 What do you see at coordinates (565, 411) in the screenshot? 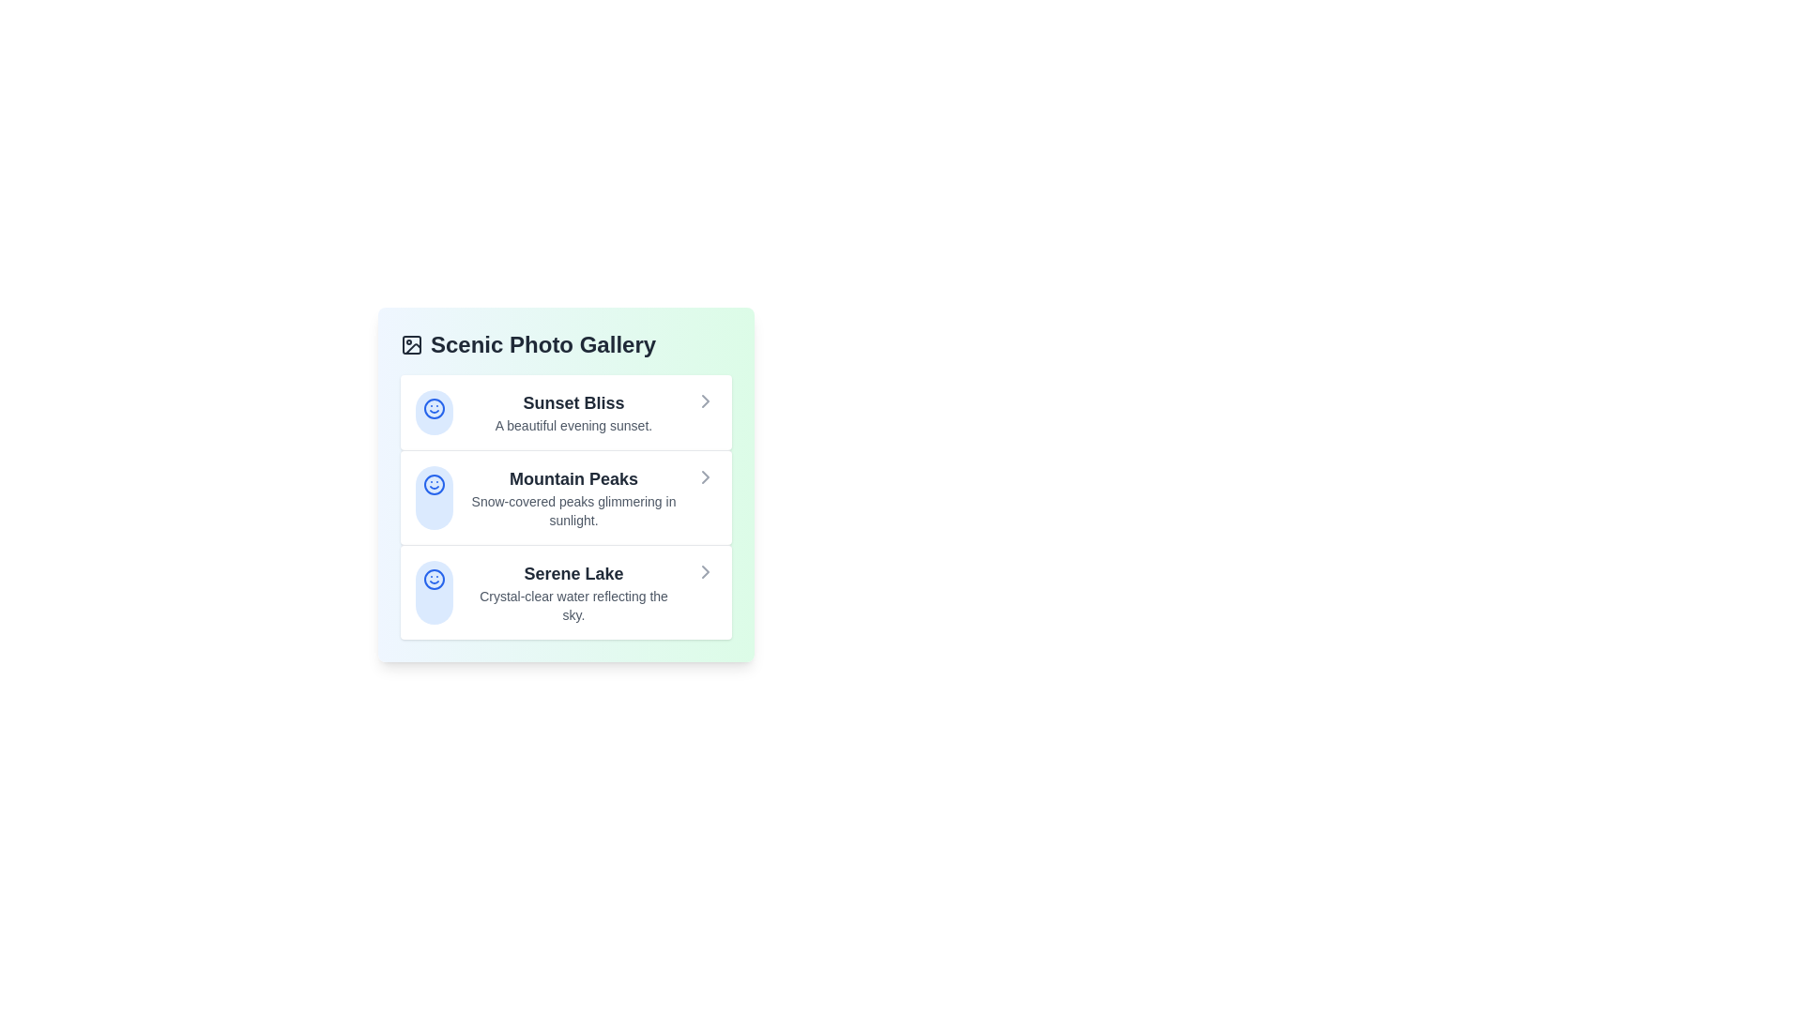
I see `the list item with the title Sunset Bliss` at bounding box center [565, 411].